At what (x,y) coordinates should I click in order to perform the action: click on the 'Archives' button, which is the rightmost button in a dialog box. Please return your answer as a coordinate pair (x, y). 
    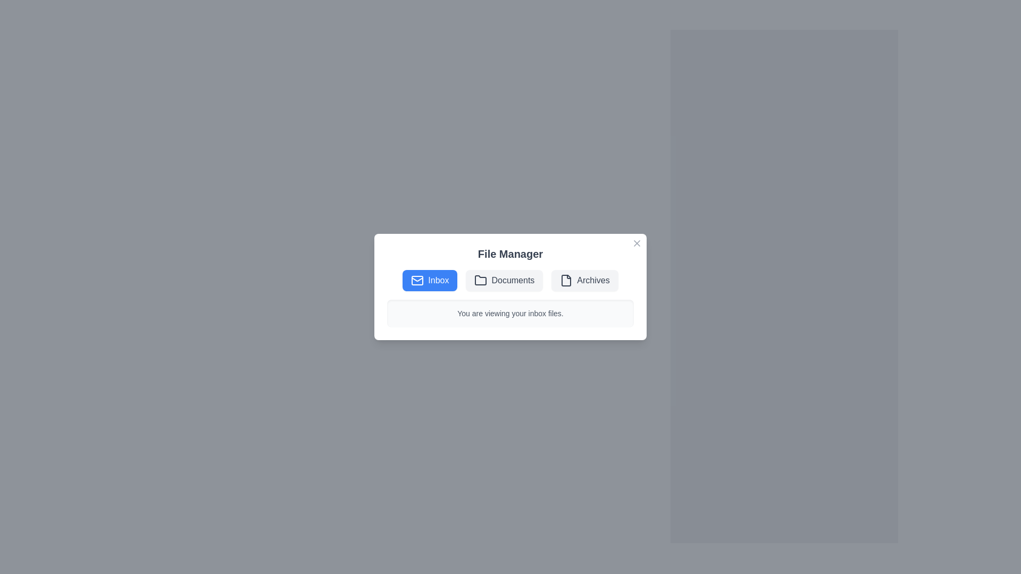
    Looking at the image, I should click on (584, 280).